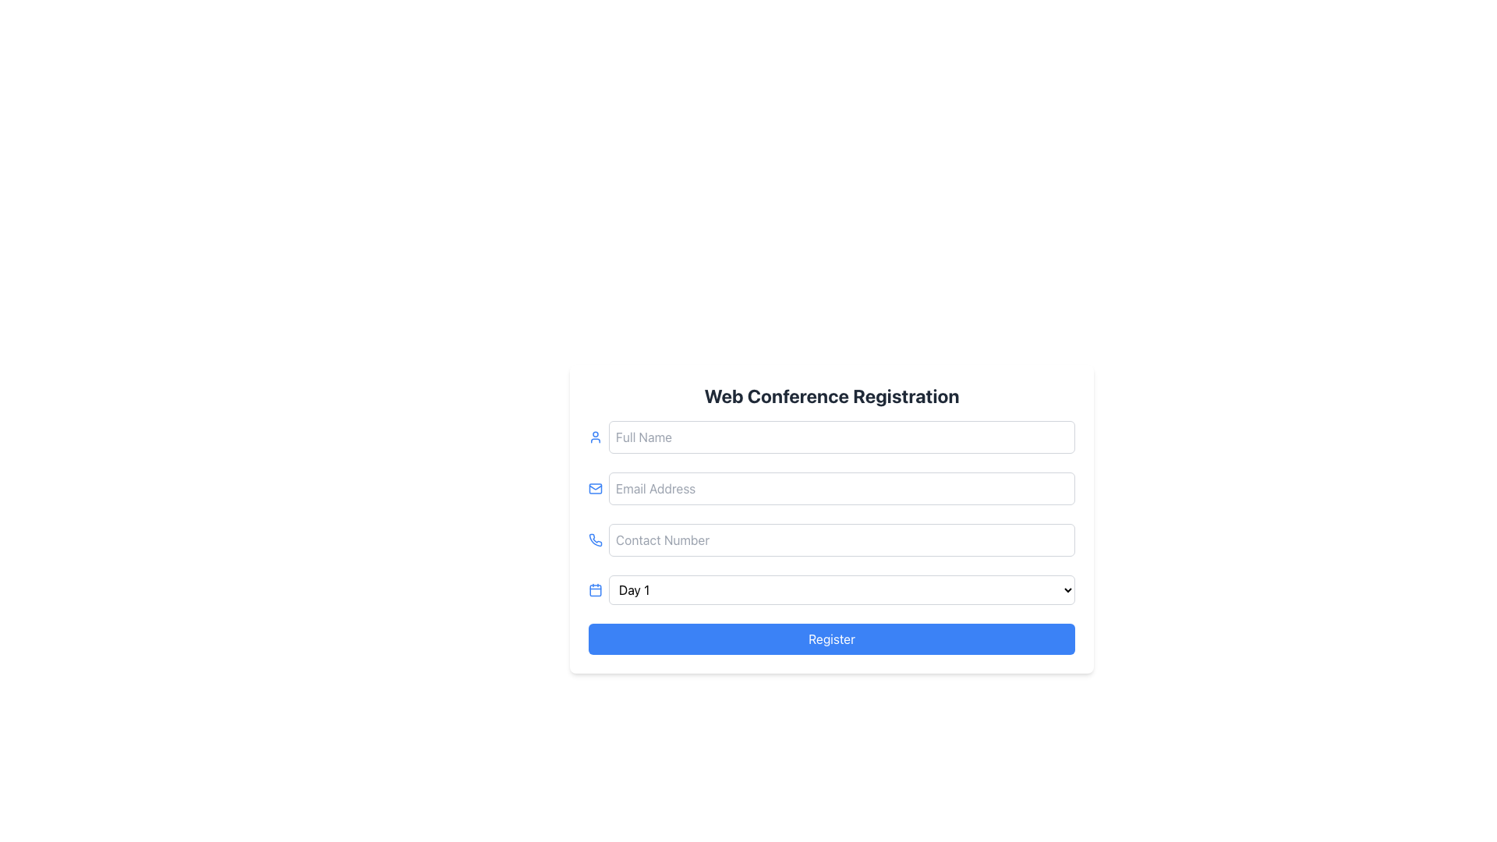 Image resolution: width=1497 pixels, height=842 pixels. Describe the element at coordinates (594, 540) in the screenshot. I see `the phone icon, which is the leftmost icon in a horizontal layout associated with the 'Contact Number' input field` at that location.